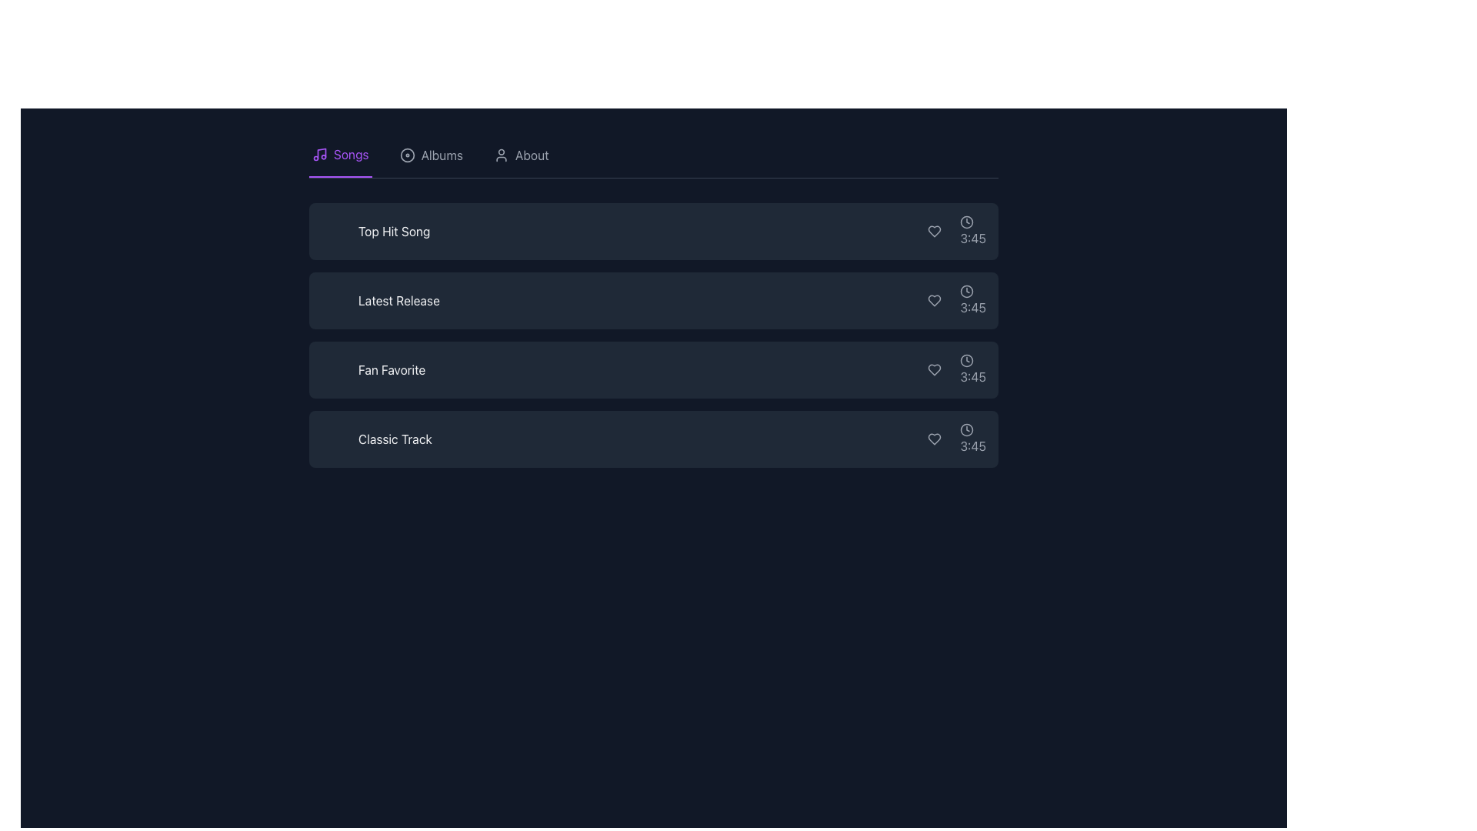  I want to click on the heart-shaped icon, so click(934, 300).